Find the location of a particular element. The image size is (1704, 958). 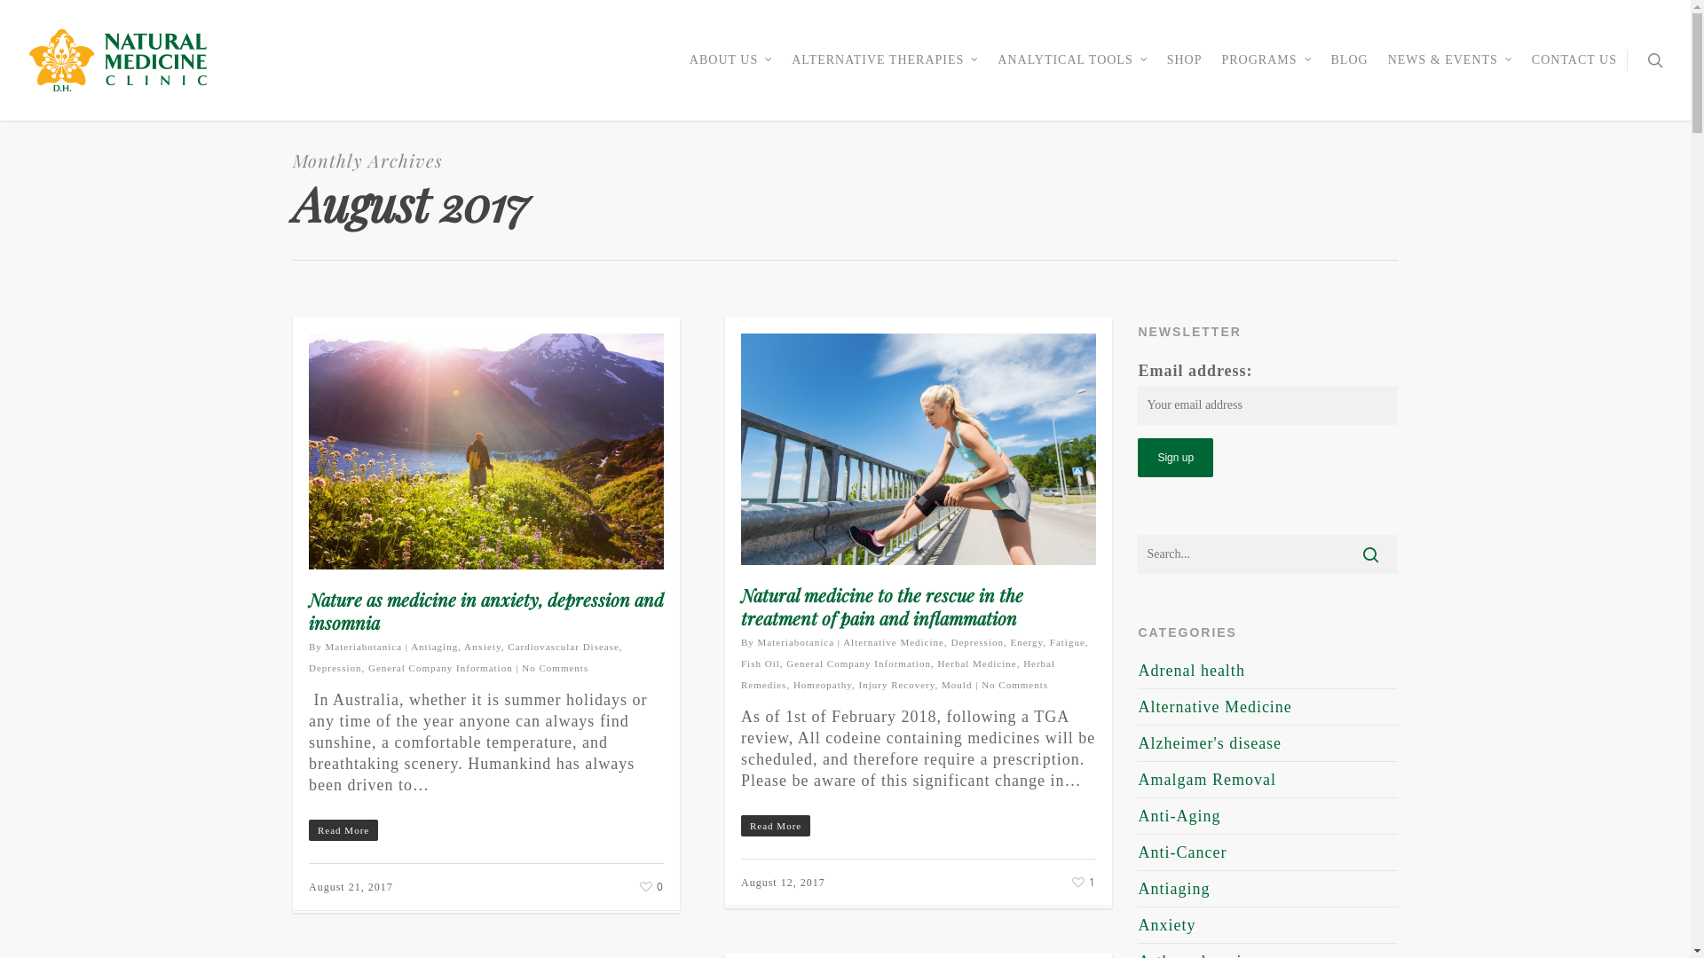

'SHOP' is located at coordinates (1184, 71).